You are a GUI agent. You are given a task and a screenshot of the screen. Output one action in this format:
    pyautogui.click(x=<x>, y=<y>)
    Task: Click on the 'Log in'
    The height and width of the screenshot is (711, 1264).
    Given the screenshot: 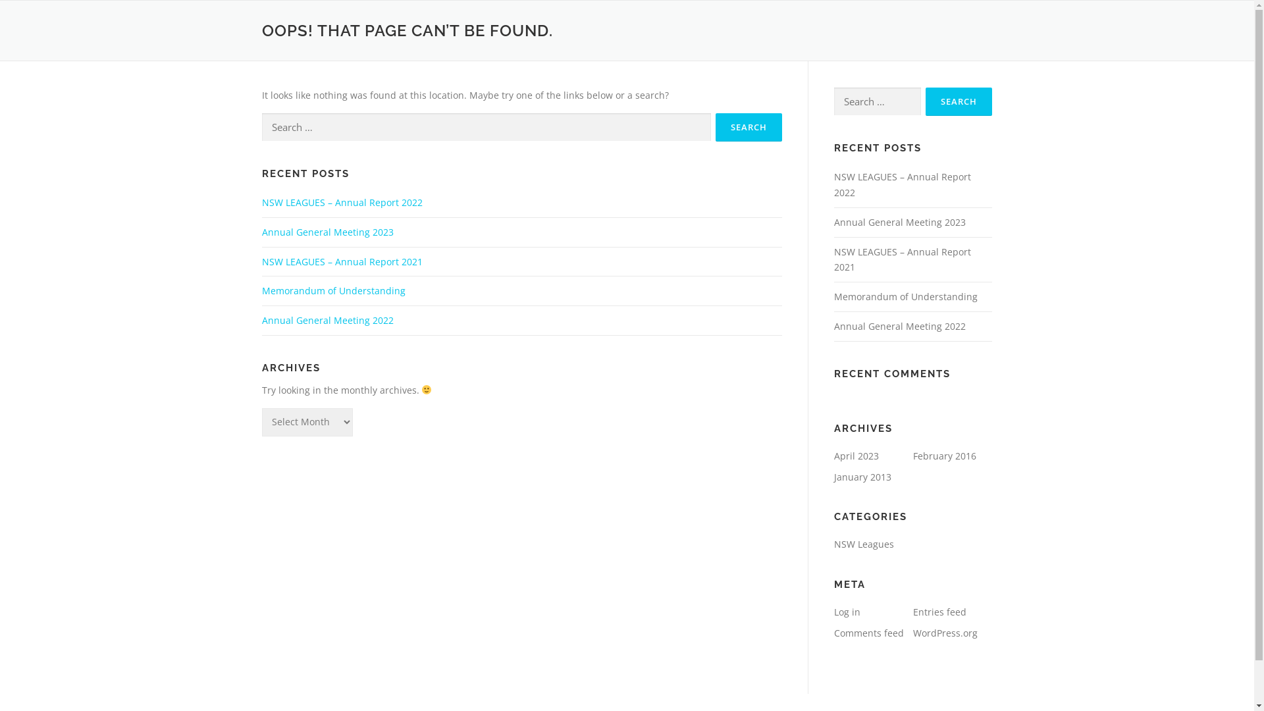 What is the action you would take?
    pyautogui.click(x=847, y=612)
    